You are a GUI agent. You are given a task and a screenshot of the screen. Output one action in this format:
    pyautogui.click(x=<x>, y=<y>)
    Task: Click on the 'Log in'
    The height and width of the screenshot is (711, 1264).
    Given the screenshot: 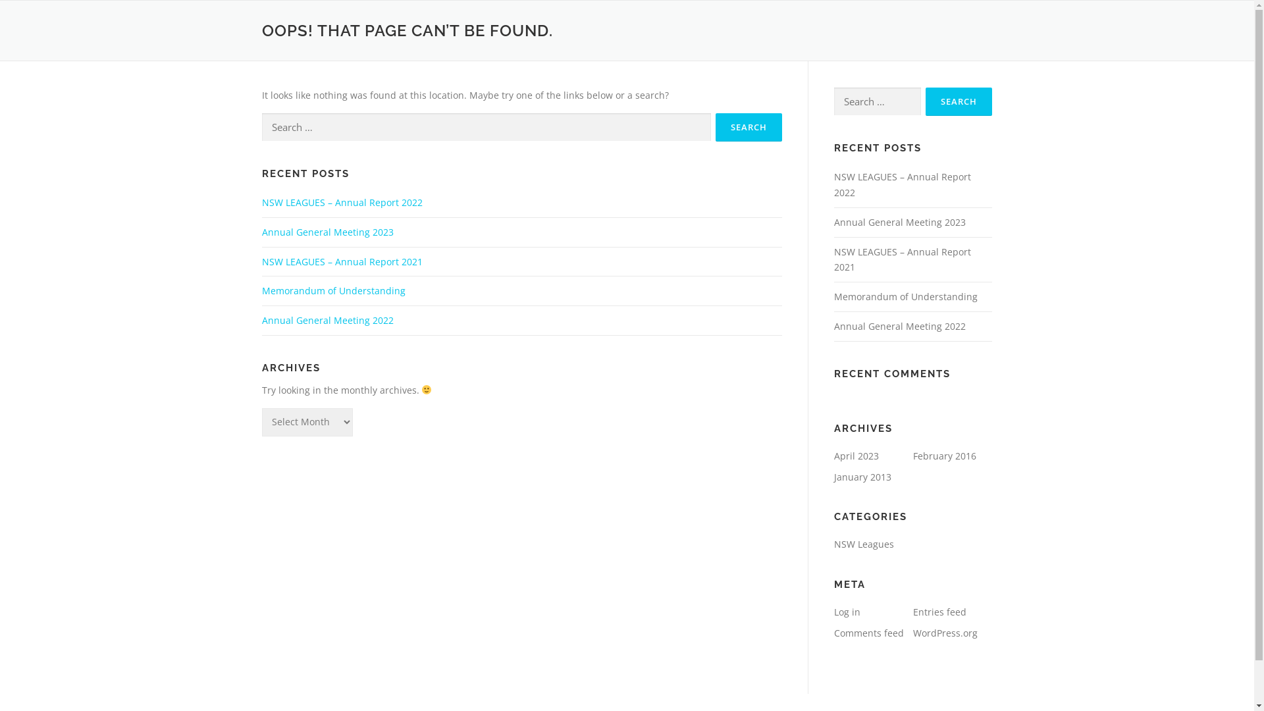 What is the action you would take?
    pyautogui.click(x=847, y=612)
    